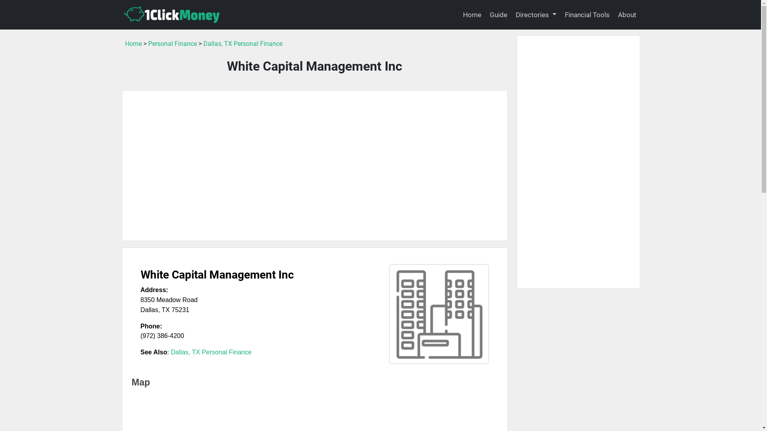 The width and height of the screenshot is (767, 431). I want to click on 'Financial Tools', so click(587, 15).